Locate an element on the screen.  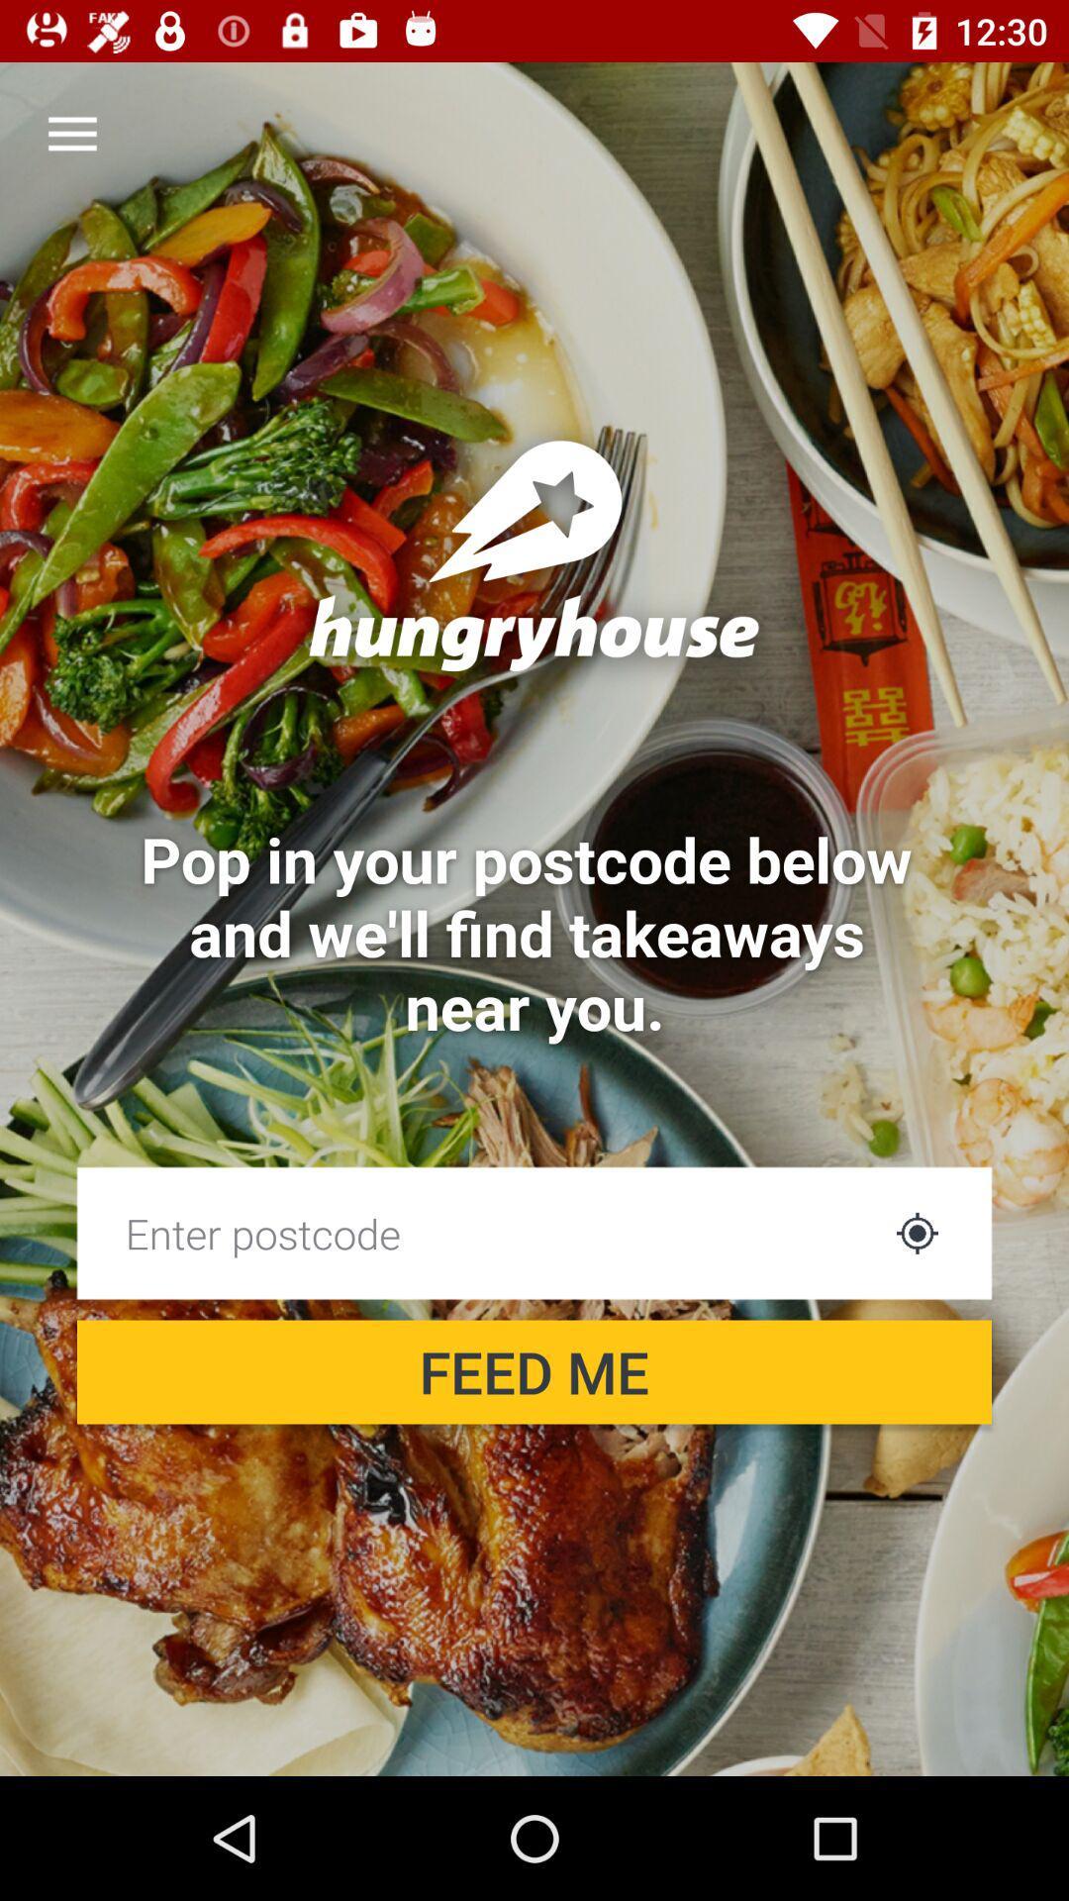
text box to enter zip code is located at coordinates (477, 1232).